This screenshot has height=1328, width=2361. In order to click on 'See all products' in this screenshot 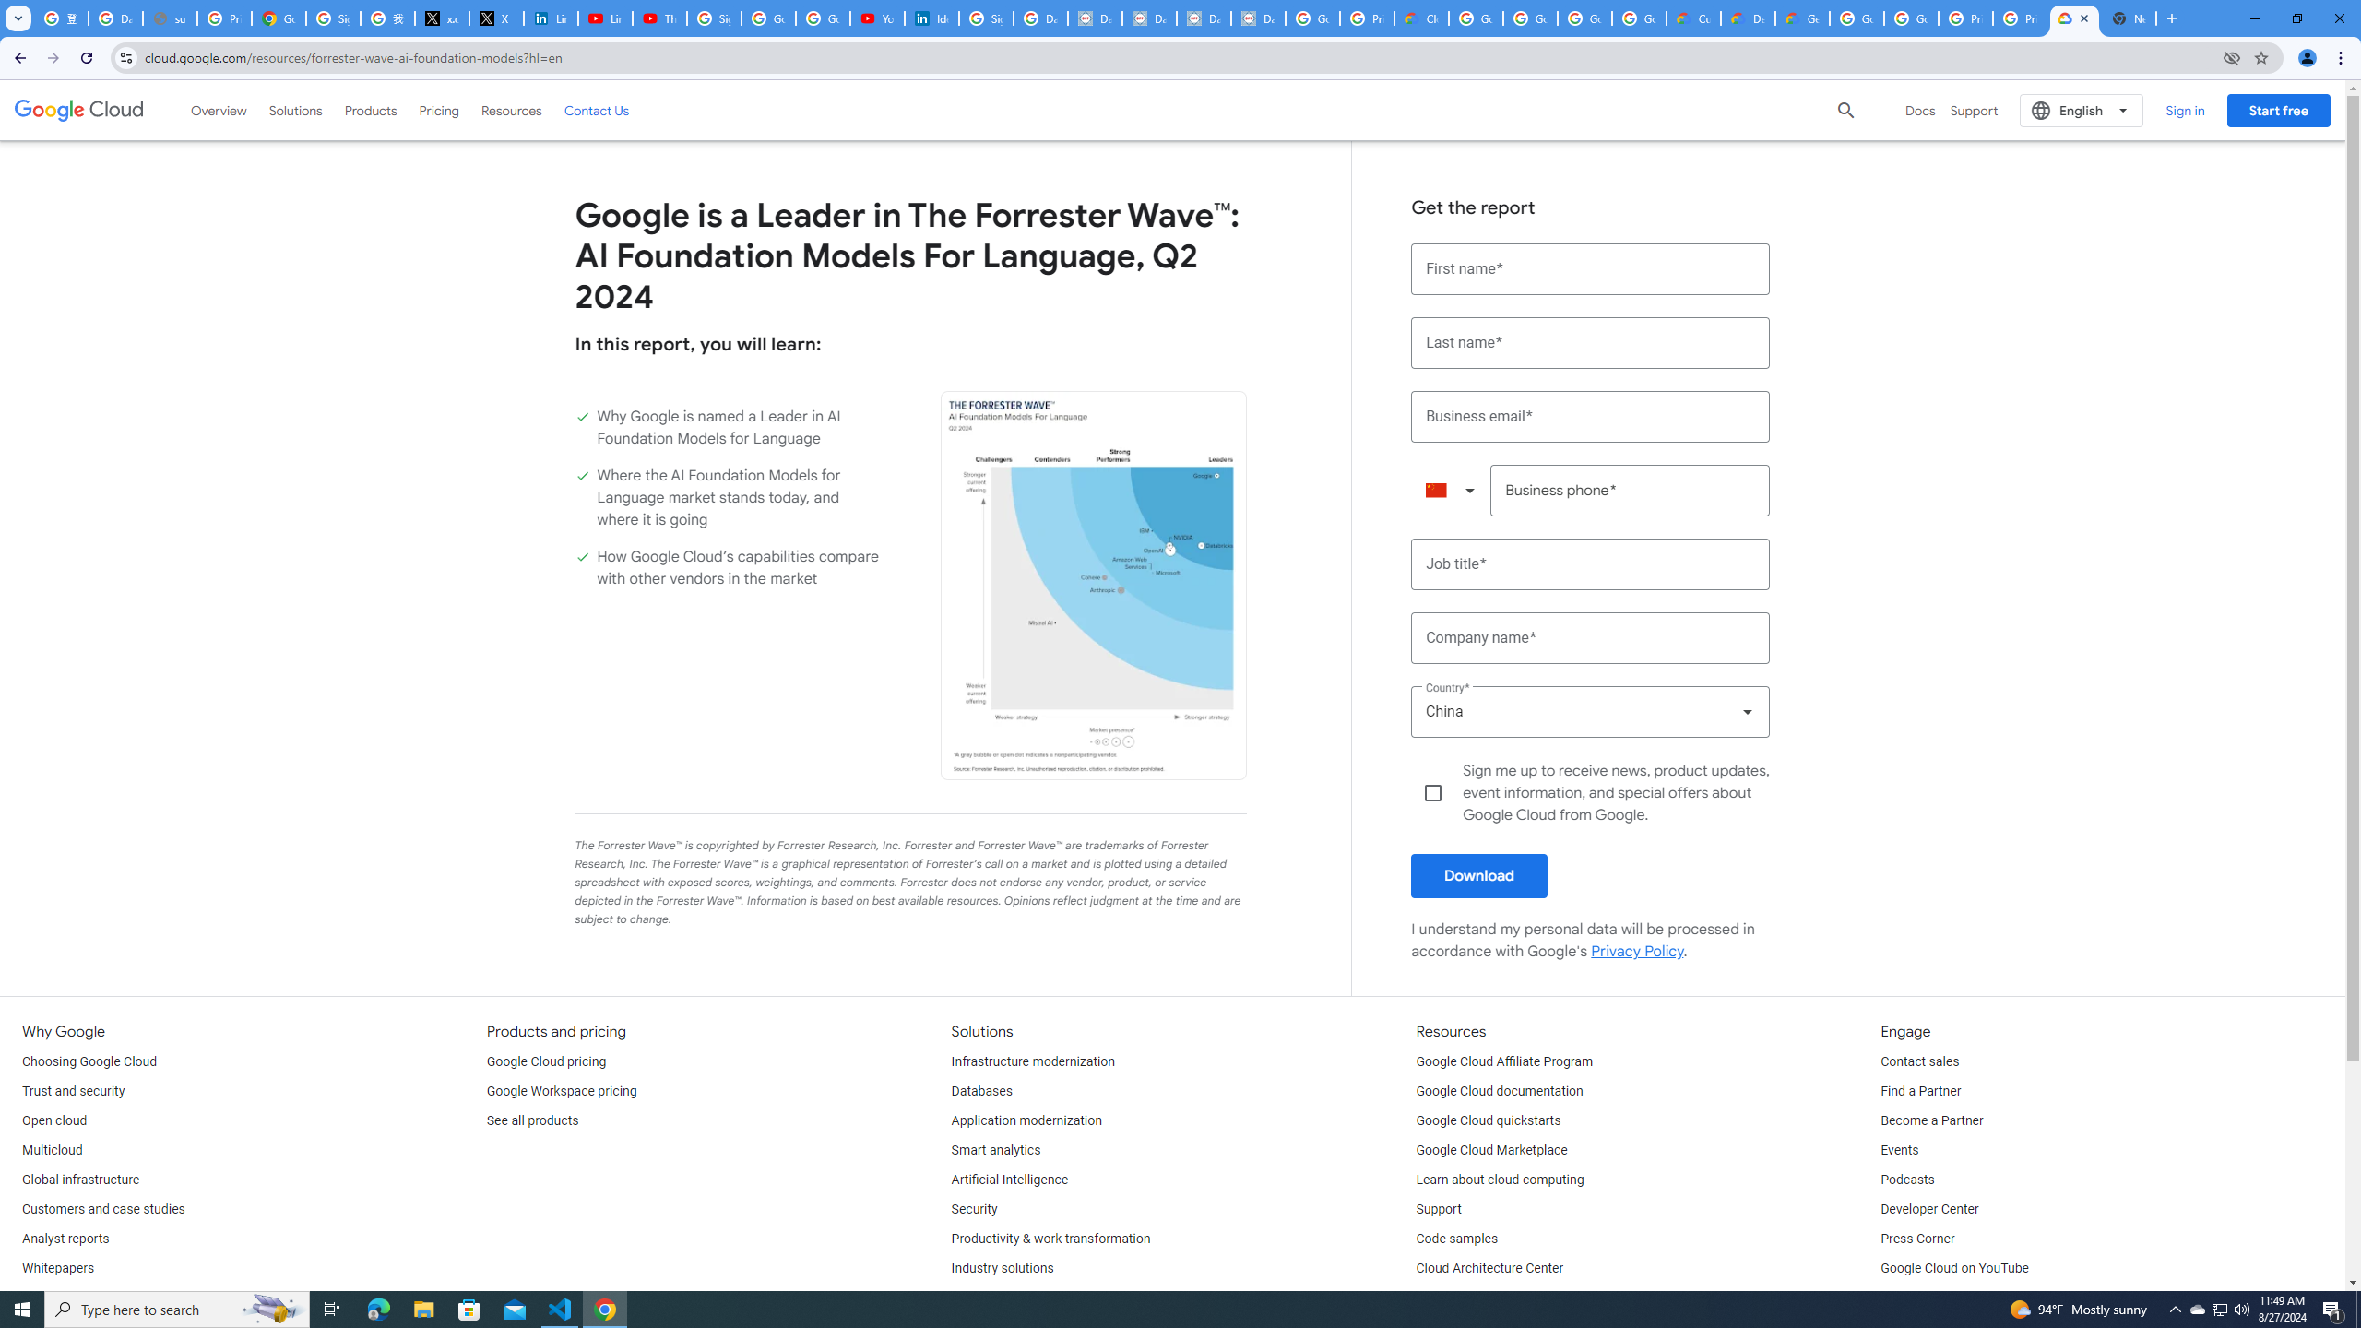, I will do `click(531, 1120)`.